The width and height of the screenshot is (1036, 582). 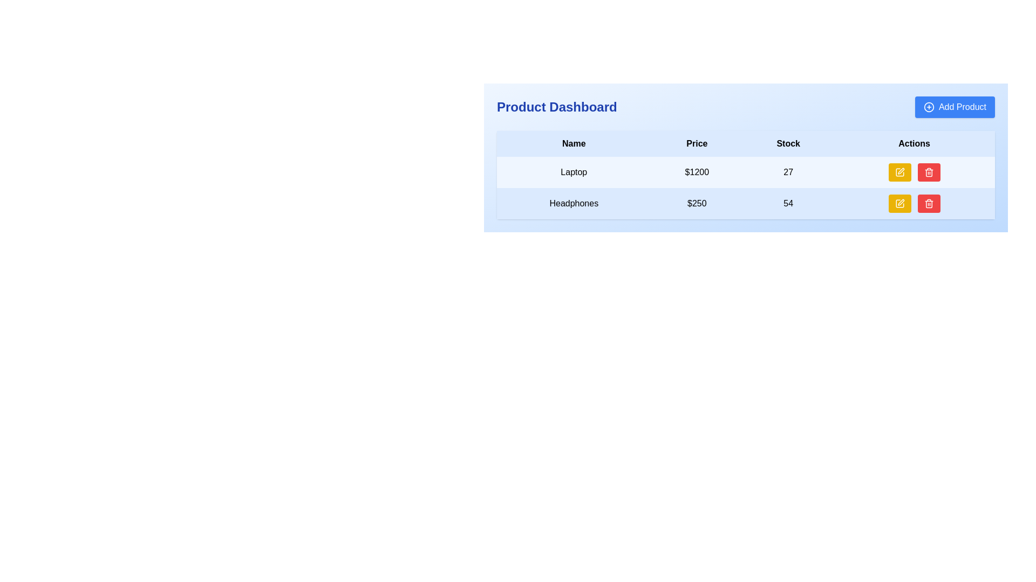 I want to click on the yellow button with a pen icon located in the 'Actions' column of the first row, so click(x=899, y=172).